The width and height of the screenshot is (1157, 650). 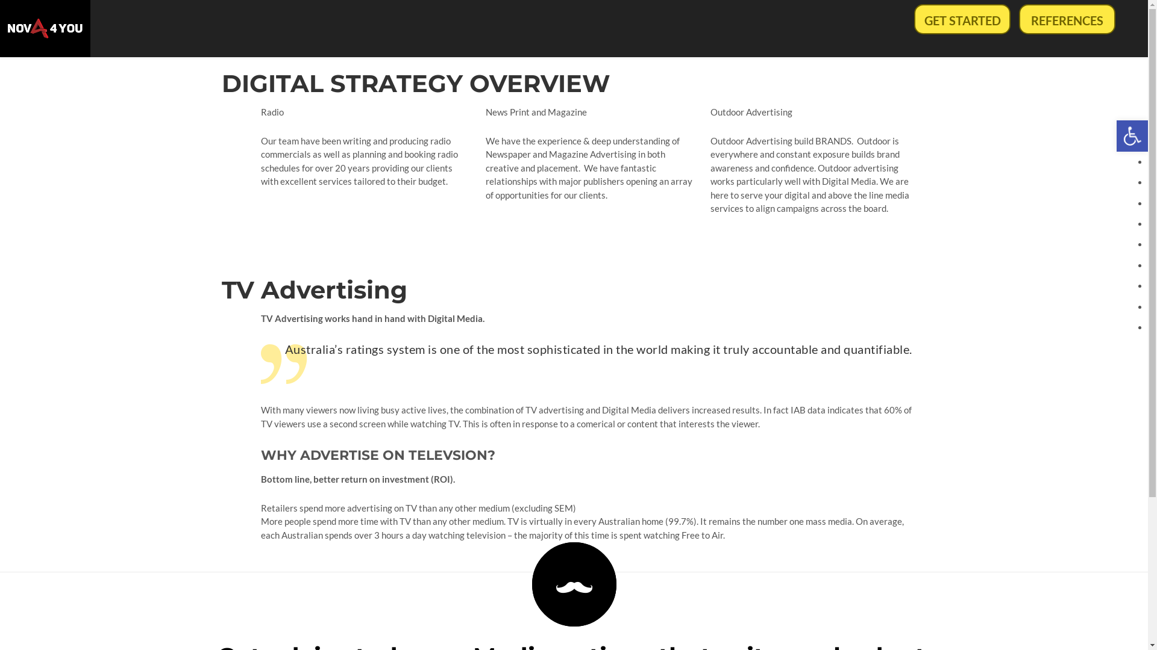 I want to click on 'Facebook', so click(x=882, y=611).